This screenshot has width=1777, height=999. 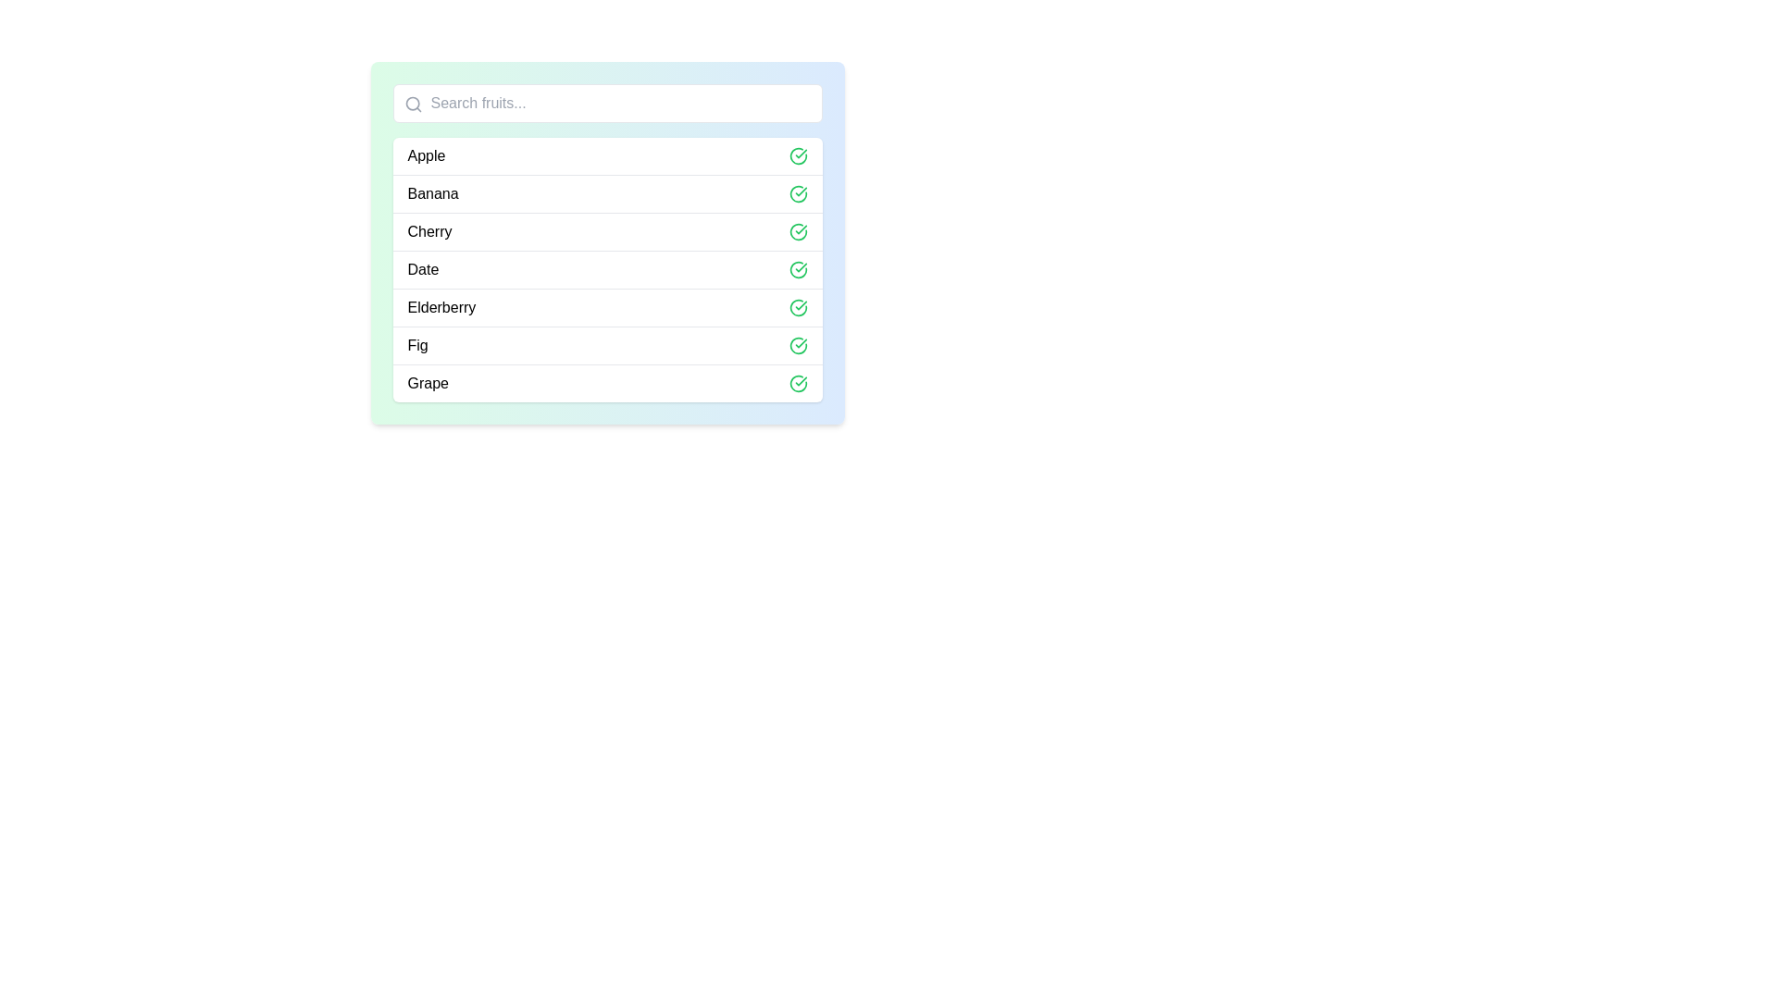 I want to click on the 'Fig' list item, indicated by the green checkmark, so click(x=607, y=345).